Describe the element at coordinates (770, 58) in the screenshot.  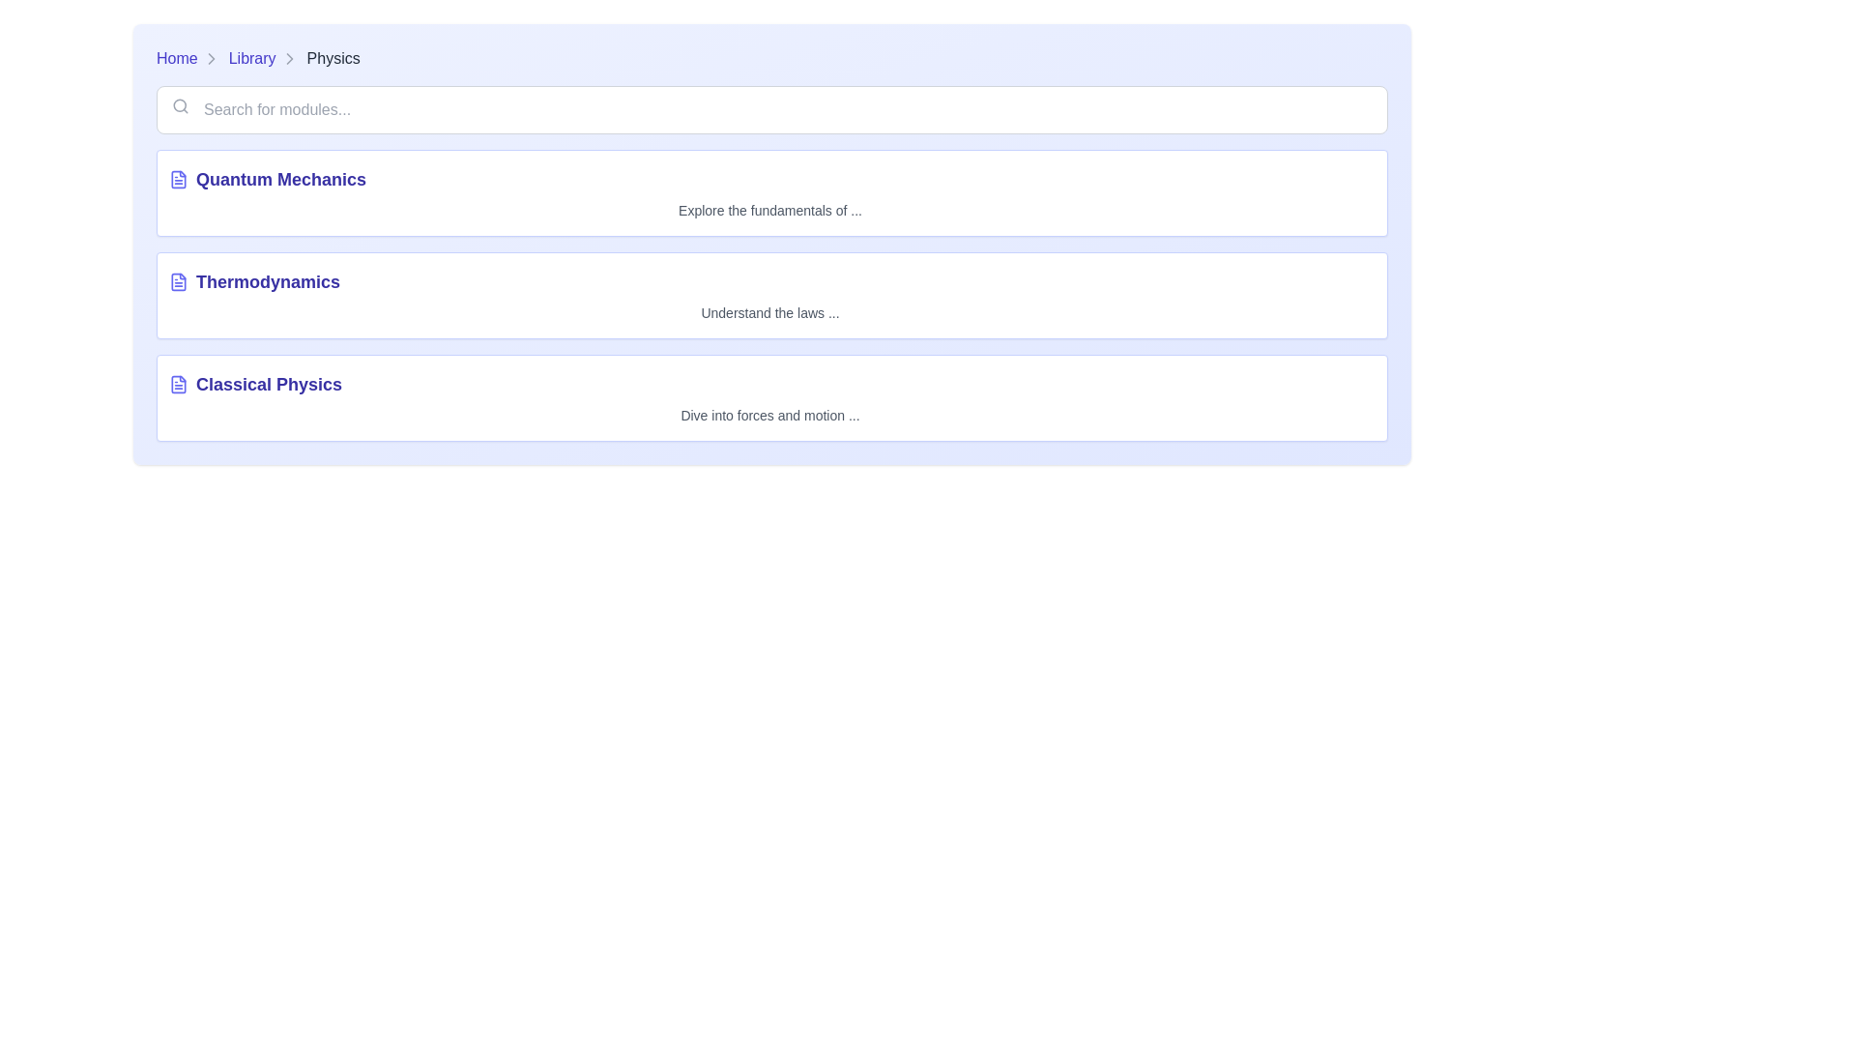
I see `the breadcrumb navigation component section link 'Home'` at that location.